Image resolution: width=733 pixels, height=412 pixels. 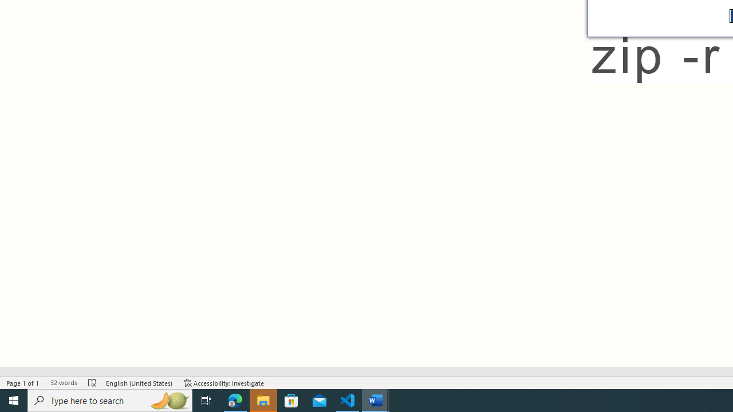 I want to click on 'File Explorer - 1 running window', so click(x=263, y=399).